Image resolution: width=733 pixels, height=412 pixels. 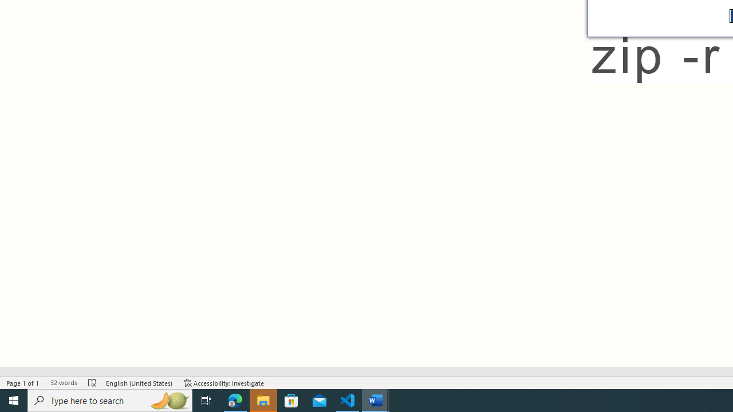 I want to click on 'File Explorer - 1 running window', so click(x=263, y=399).